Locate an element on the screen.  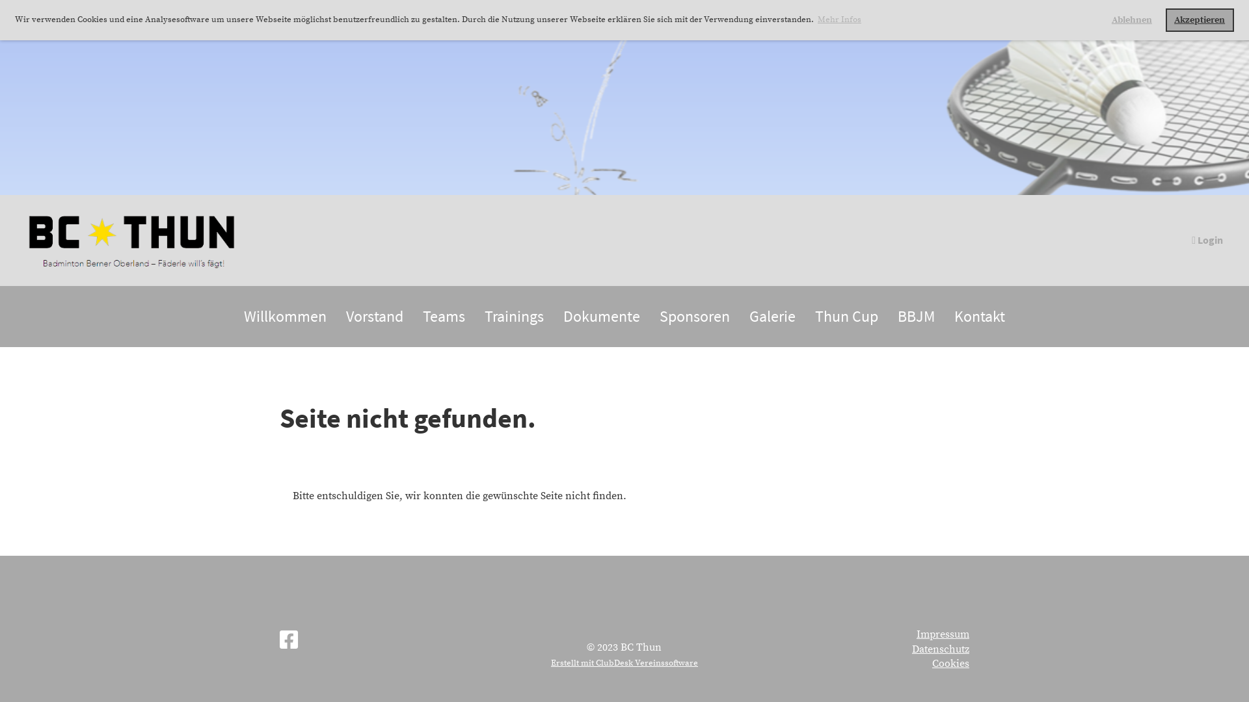
'Galerie' is located at coordinates (772, 316).